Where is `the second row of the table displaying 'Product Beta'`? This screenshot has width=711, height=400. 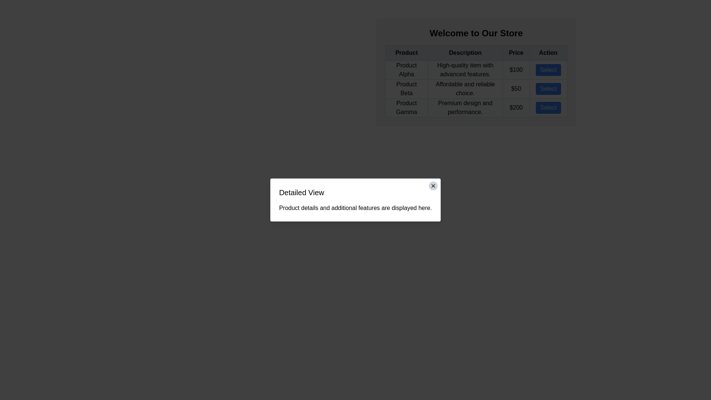 the second row of the table displaying 'Product Beta' is located at coordinates (476, 88).